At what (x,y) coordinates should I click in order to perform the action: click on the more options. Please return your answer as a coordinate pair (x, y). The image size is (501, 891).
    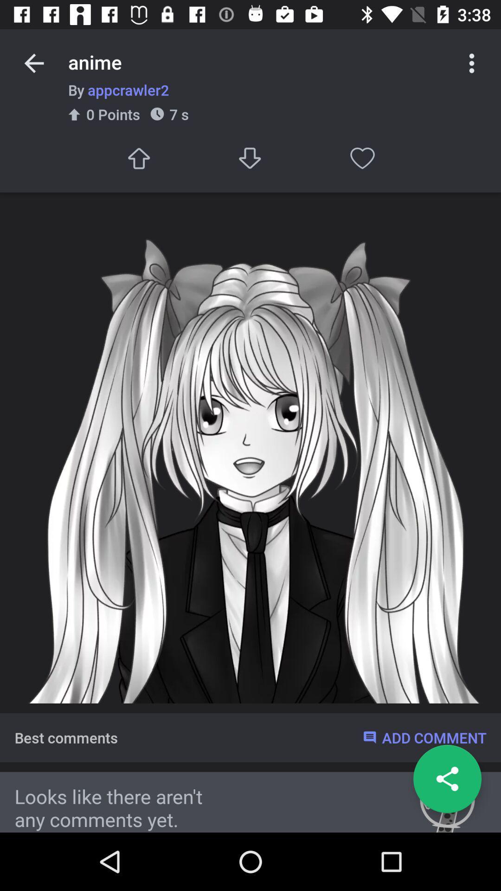
    Looking at the image, I should click on (472, 63).